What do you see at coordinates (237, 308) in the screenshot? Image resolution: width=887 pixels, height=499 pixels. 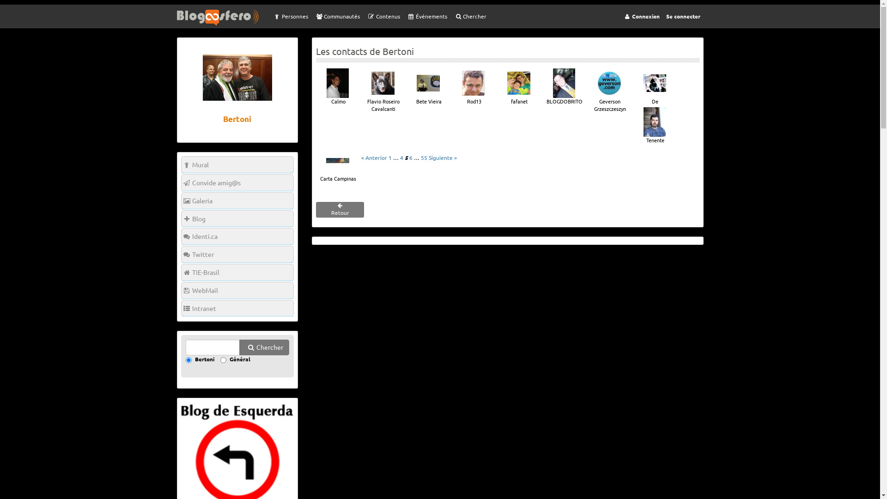 I see `'Intranet'` at bounding box center [237, 308].